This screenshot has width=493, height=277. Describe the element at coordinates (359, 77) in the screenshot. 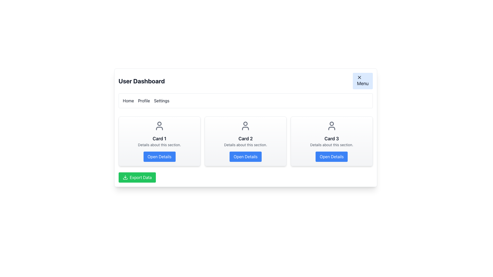

I see `the 'X' icon within the 'Menu' button located in the top-right corner of the interface` at that location.